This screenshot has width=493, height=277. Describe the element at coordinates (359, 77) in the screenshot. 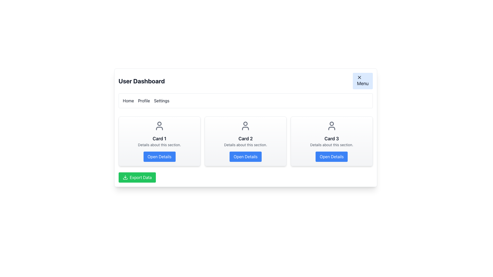

I see `the 'X' icon within the 'Menu' button located in the top-right corner of the interface` at that location.